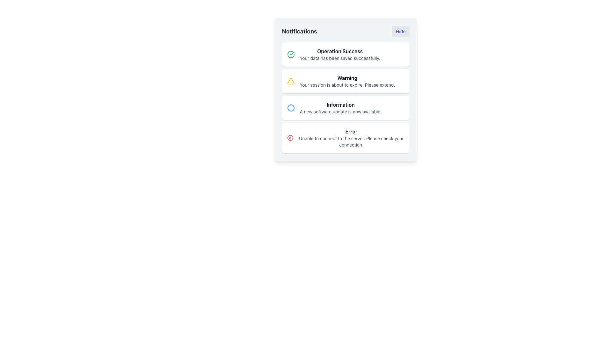 The height and width of the screenshot is (344, 612). Describe the element at coordinates (290, 108) in the screenshot. I see `the informational notification icon located to the left of the 'Information' text in the third item of the 'Notifications' list` at that location.